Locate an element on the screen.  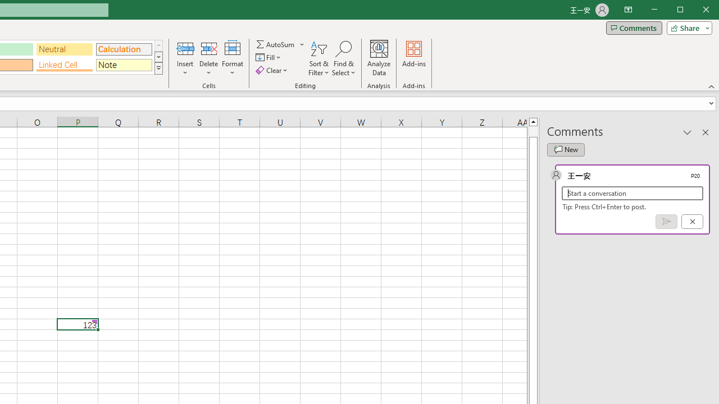
'Fill' is located at coordinates (269, 57).